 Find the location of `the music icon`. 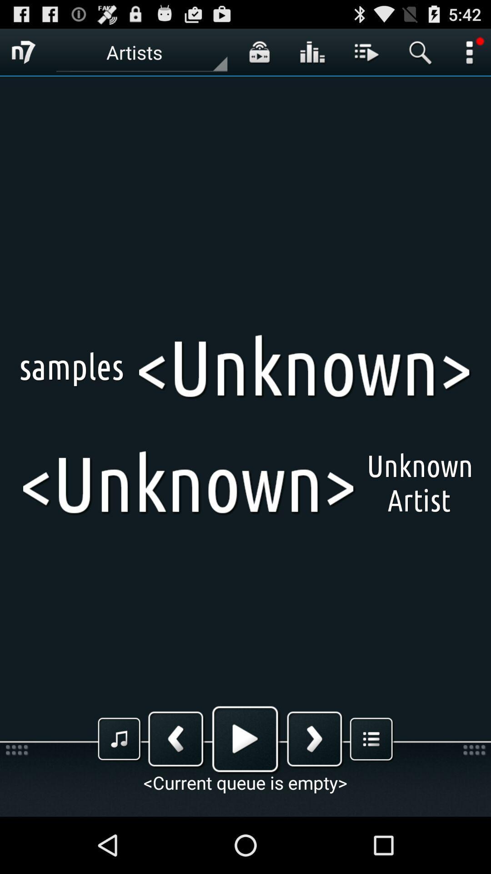

the music icon is located at coordinates (119, 790).